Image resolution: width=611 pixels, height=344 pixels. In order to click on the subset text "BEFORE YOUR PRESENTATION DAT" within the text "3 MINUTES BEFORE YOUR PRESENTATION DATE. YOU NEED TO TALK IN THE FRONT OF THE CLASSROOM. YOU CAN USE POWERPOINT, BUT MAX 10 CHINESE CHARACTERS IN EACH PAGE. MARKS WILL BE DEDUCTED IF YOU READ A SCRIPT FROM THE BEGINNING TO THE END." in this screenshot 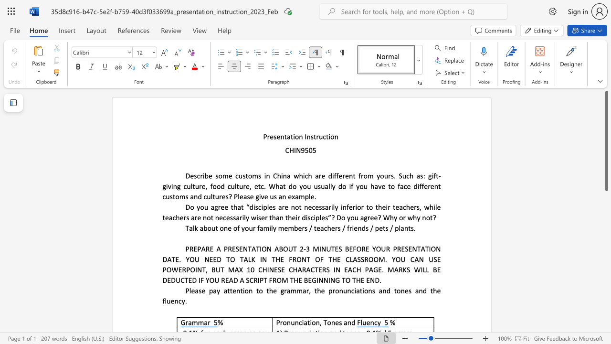, I will do `click(344, 248)`.